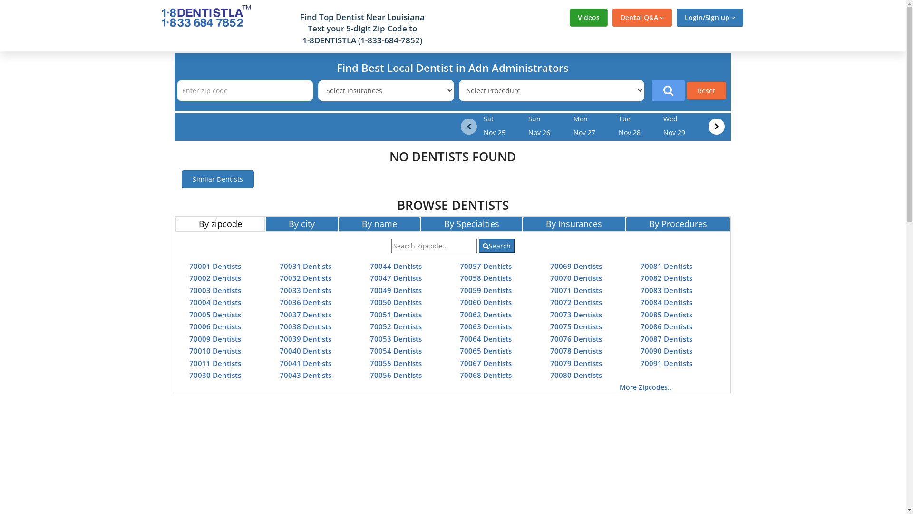  I want to click on '70036 Dentists', so click(305, 302).